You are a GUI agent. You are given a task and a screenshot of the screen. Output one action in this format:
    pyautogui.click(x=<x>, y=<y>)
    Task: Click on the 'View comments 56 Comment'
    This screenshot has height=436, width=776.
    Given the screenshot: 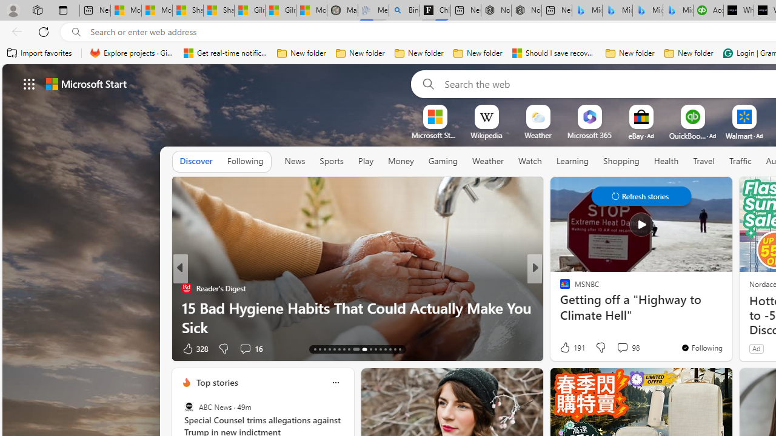 What is the action you would take?
    pyautogui.click(x=618, y=348)
    